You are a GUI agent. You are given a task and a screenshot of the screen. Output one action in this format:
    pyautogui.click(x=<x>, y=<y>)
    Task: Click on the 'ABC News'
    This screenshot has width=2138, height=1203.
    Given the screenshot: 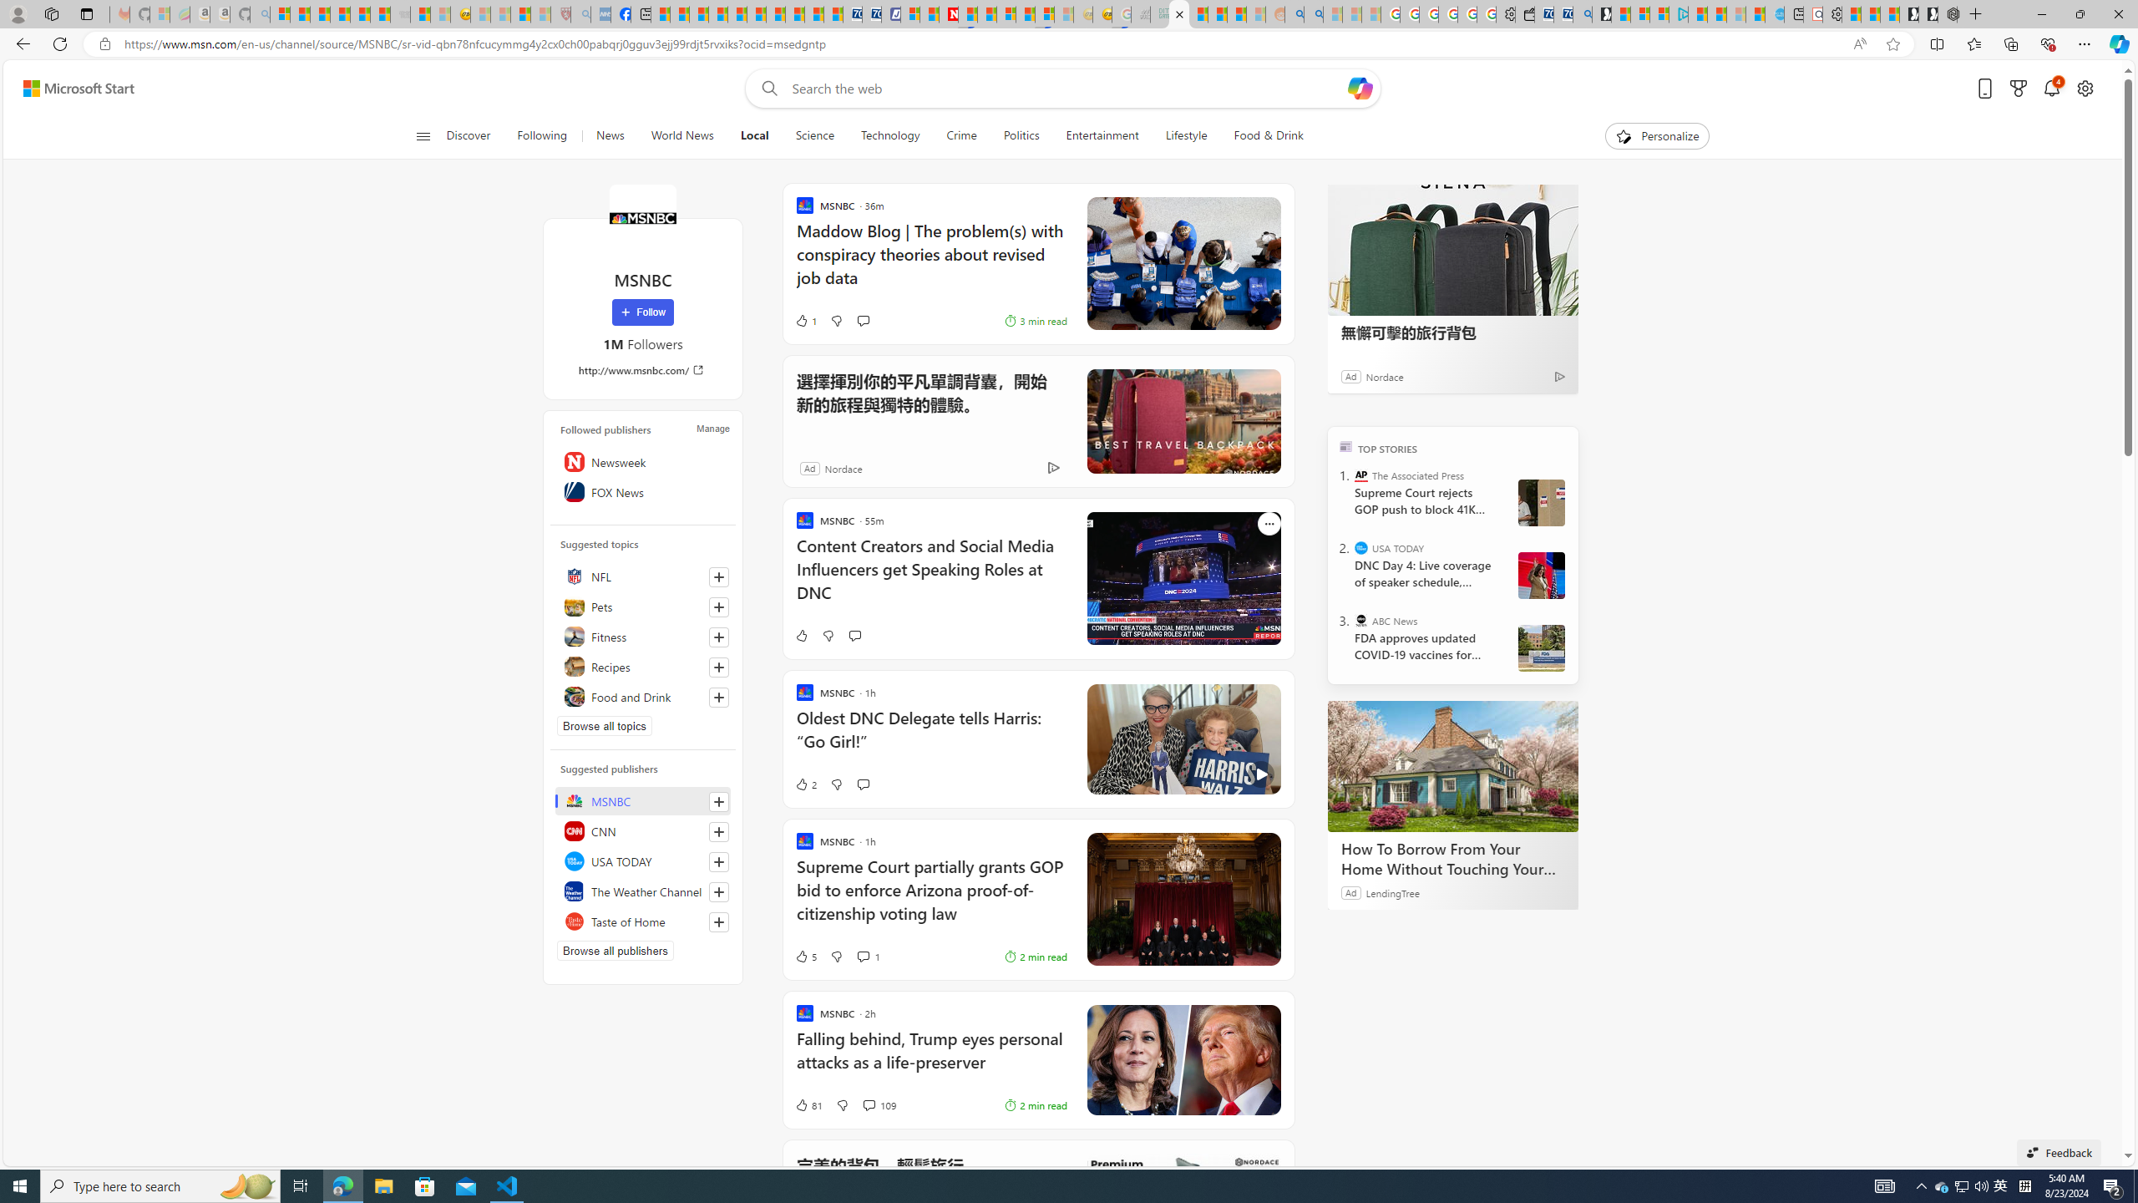 What is the action you would take?
    pyautogui.click(x=1361, y=620)
    